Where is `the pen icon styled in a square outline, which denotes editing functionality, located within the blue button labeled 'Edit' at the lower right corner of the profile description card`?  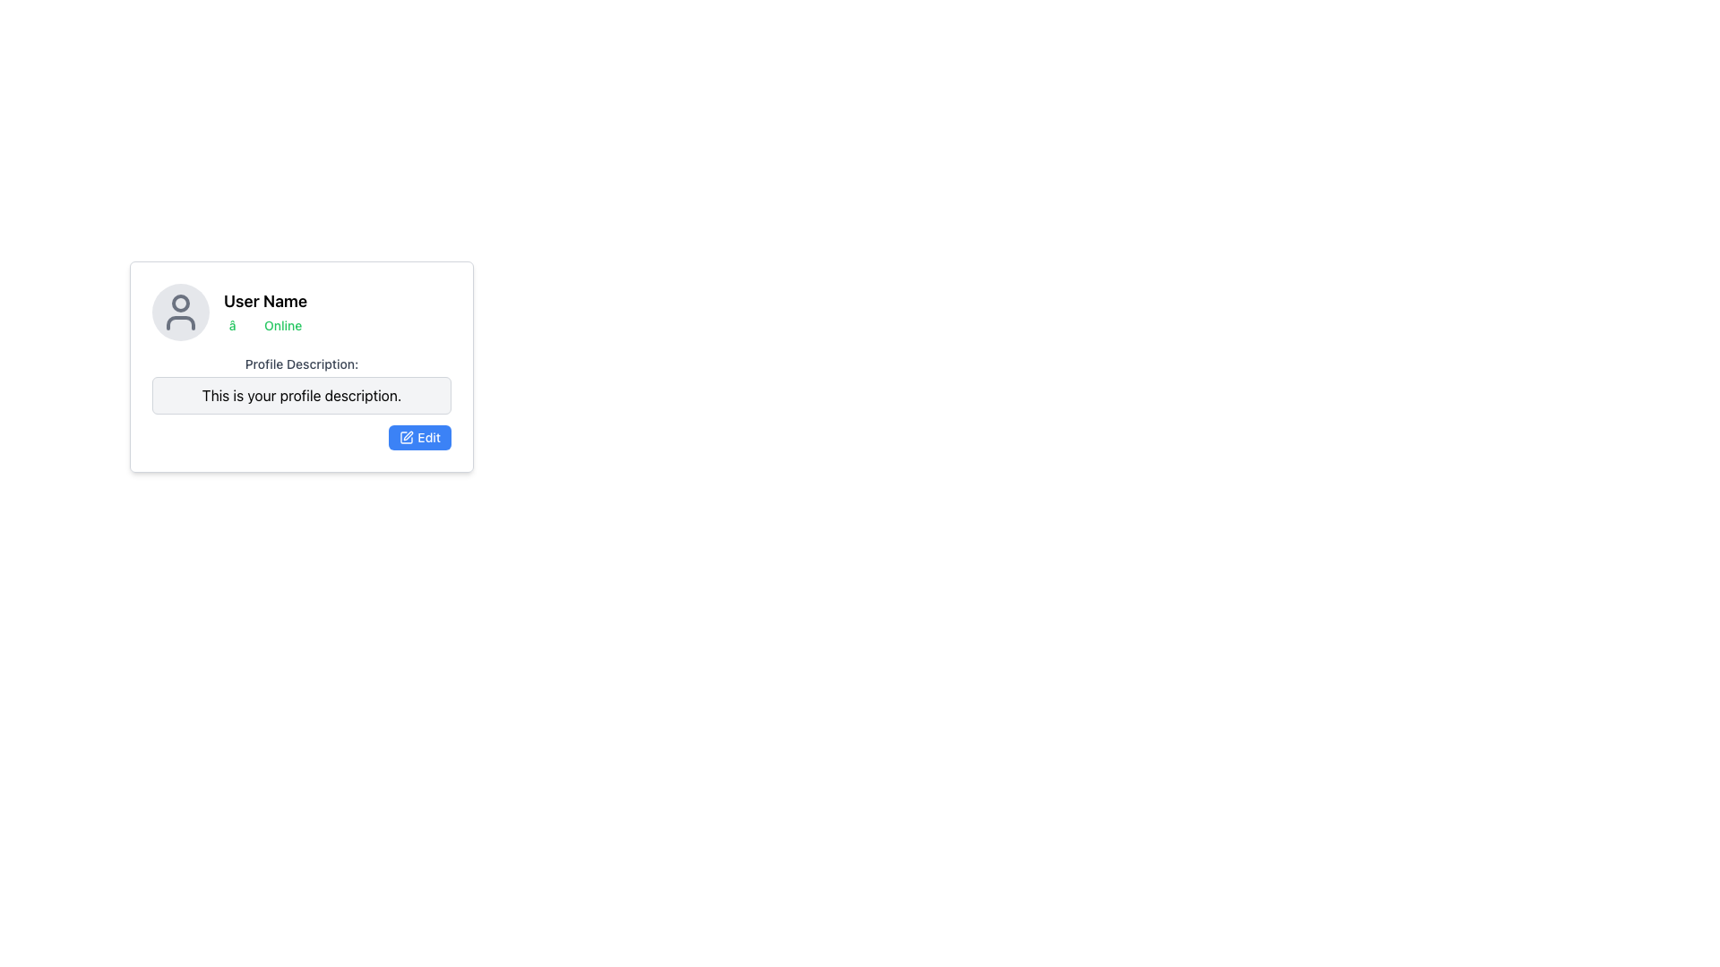
the pen icon styled in a square outline, which denotes editing functionality, located within the blue button labeled 'Edit' at the lower right corner of the profile description card is located at coordinates (406, 438).